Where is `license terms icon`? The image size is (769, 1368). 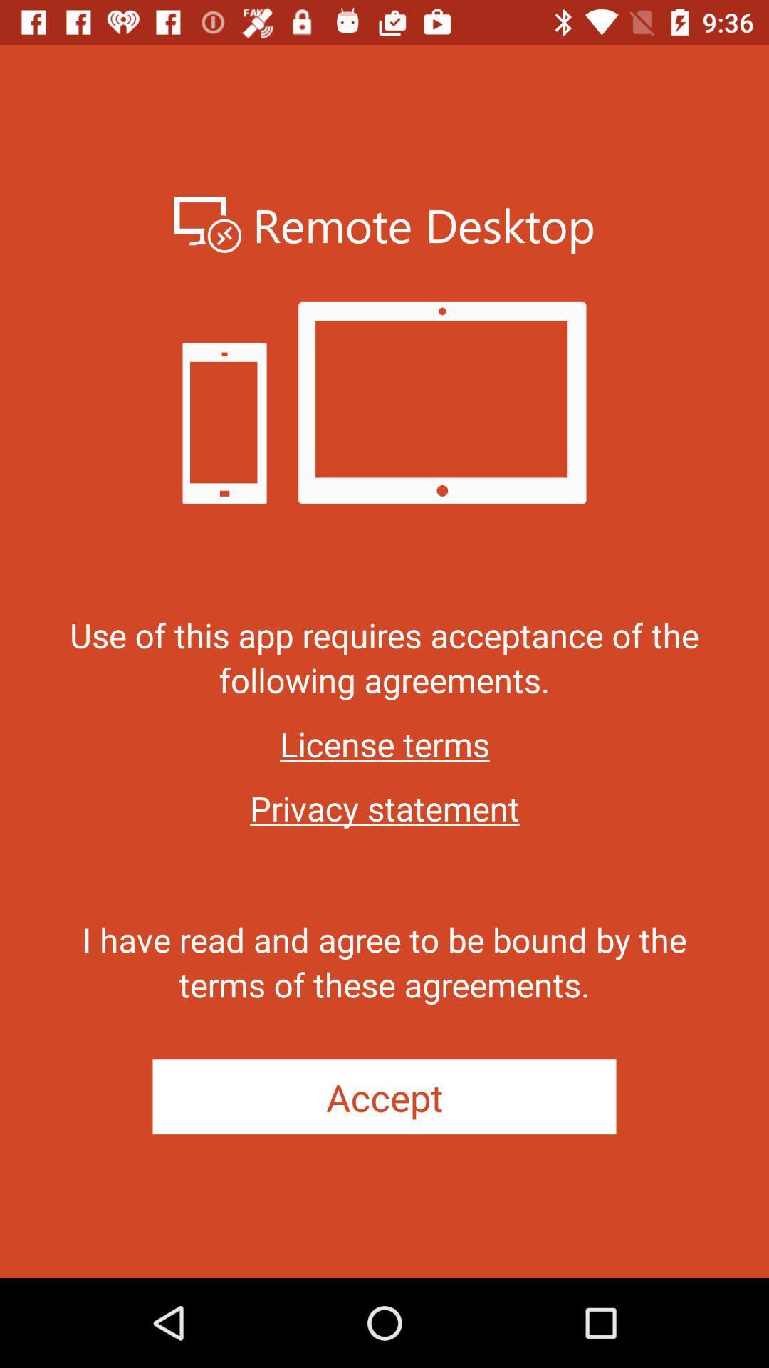 license terms icon is located at coordinates (384, 743).